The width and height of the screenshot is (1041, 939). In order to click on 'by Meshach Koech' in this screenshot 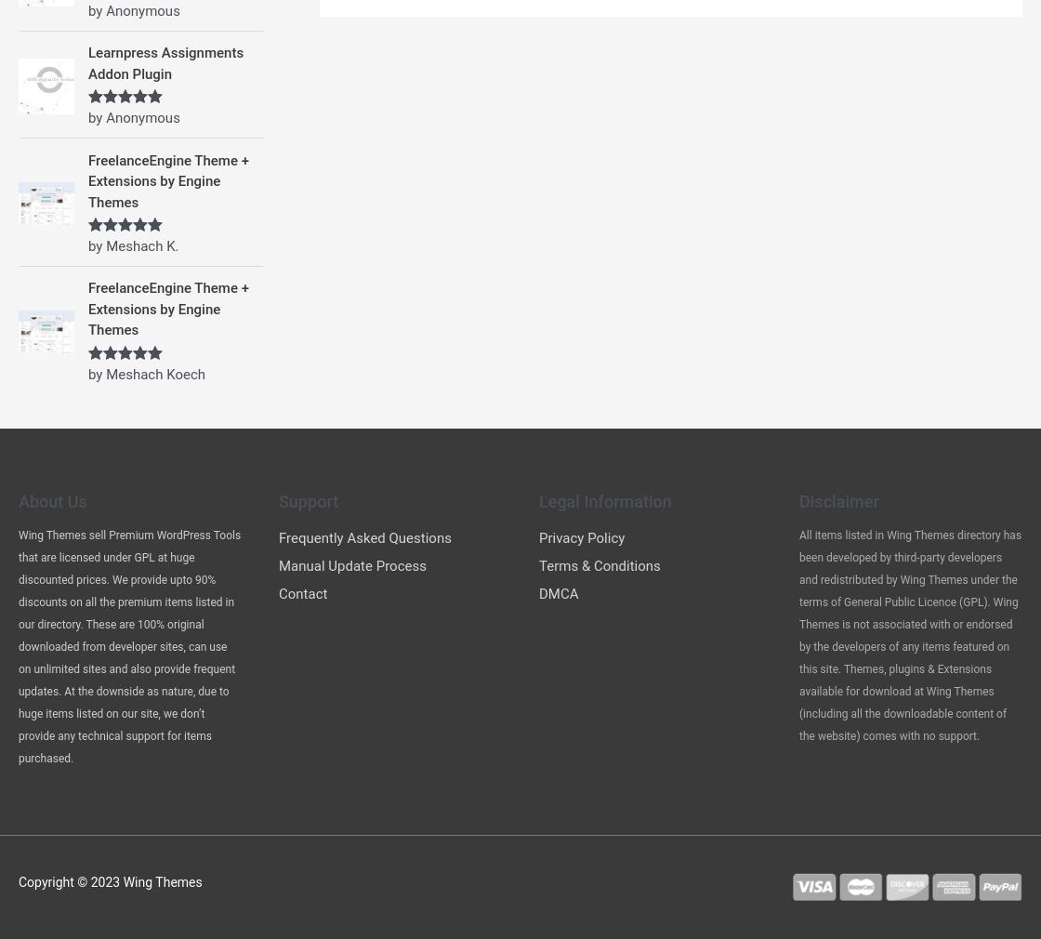, I will do `click(147, 373)`.